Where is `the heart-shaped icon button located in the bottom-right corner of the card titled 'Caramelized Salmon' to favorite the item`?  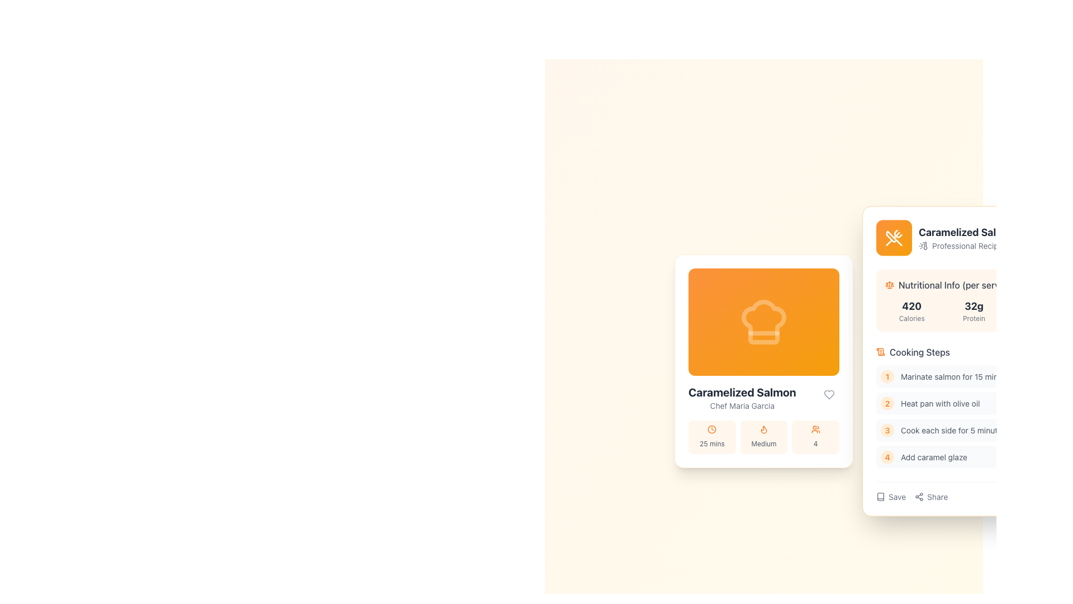 the heart-shaped icon button located in the bottom-right corner of the card titled 'Caramelized Salmon' to favorite the item is located at coordinates (829, 394).